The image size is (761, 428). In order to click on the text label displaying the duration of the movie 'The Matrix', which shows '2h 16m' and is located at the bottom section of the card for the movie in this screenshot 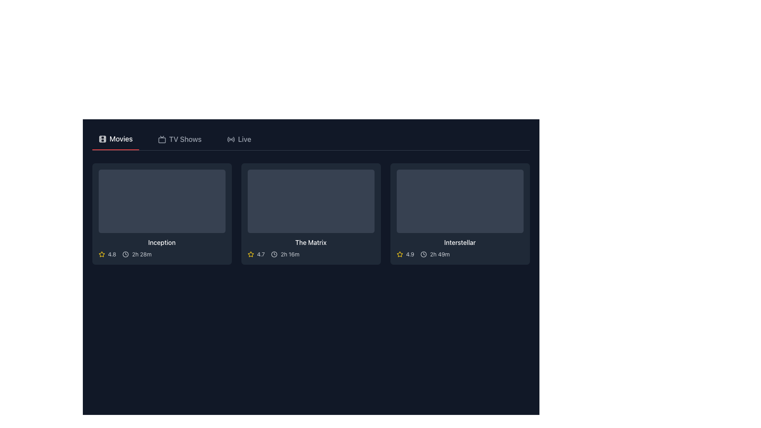, I will do `click(289, 254)`.